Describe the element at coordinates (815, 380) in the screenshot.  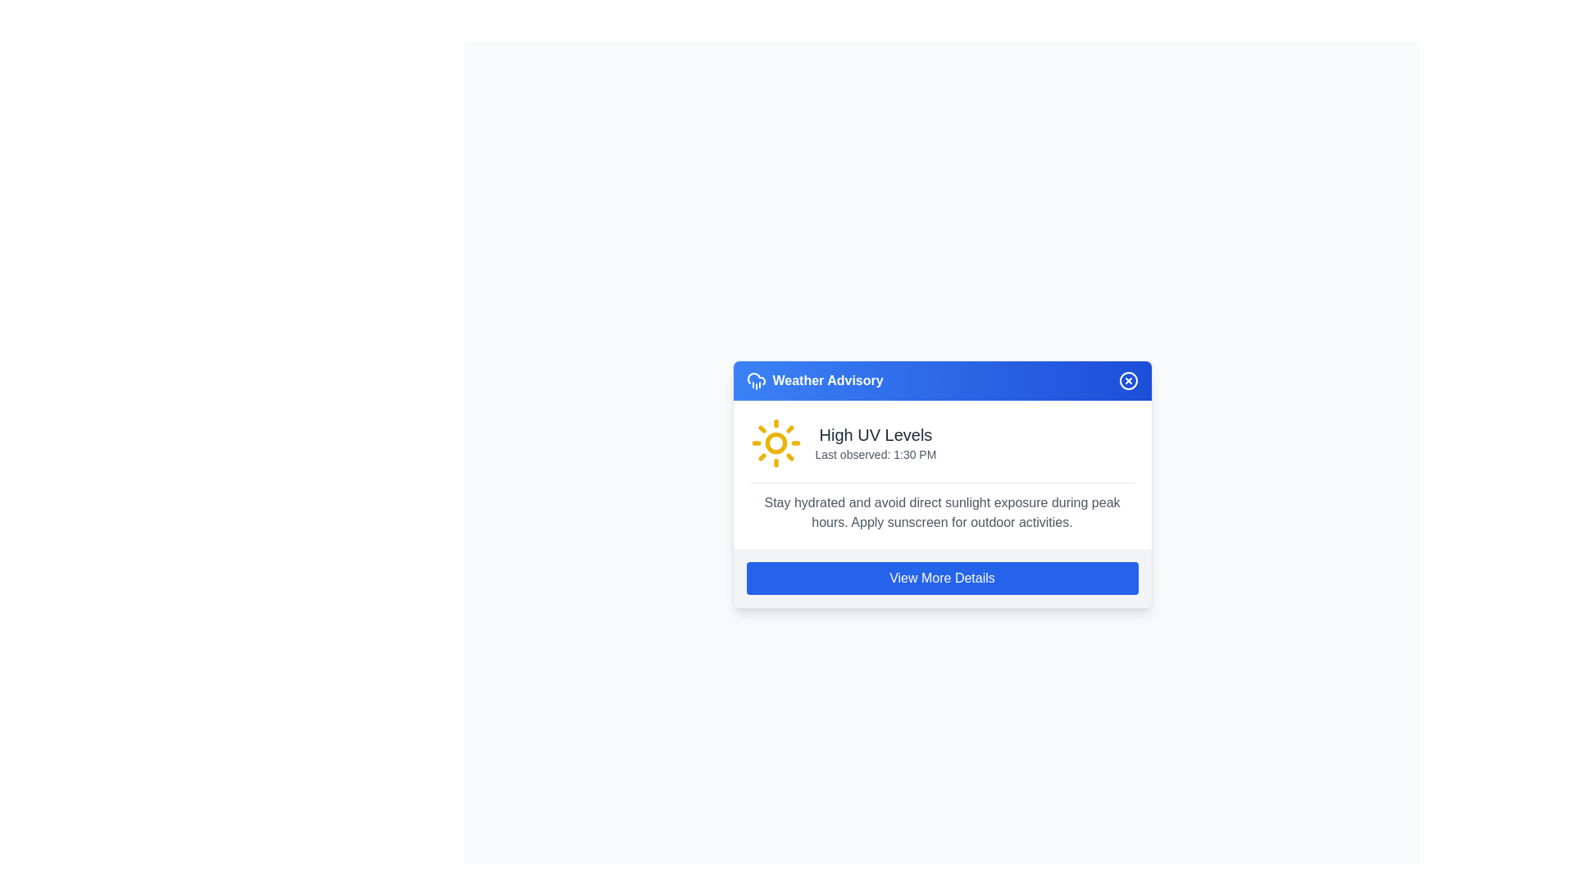
I see `the header element that indicates the purpose or topic of the card below, positioned at the top-left of the information card` at that location.